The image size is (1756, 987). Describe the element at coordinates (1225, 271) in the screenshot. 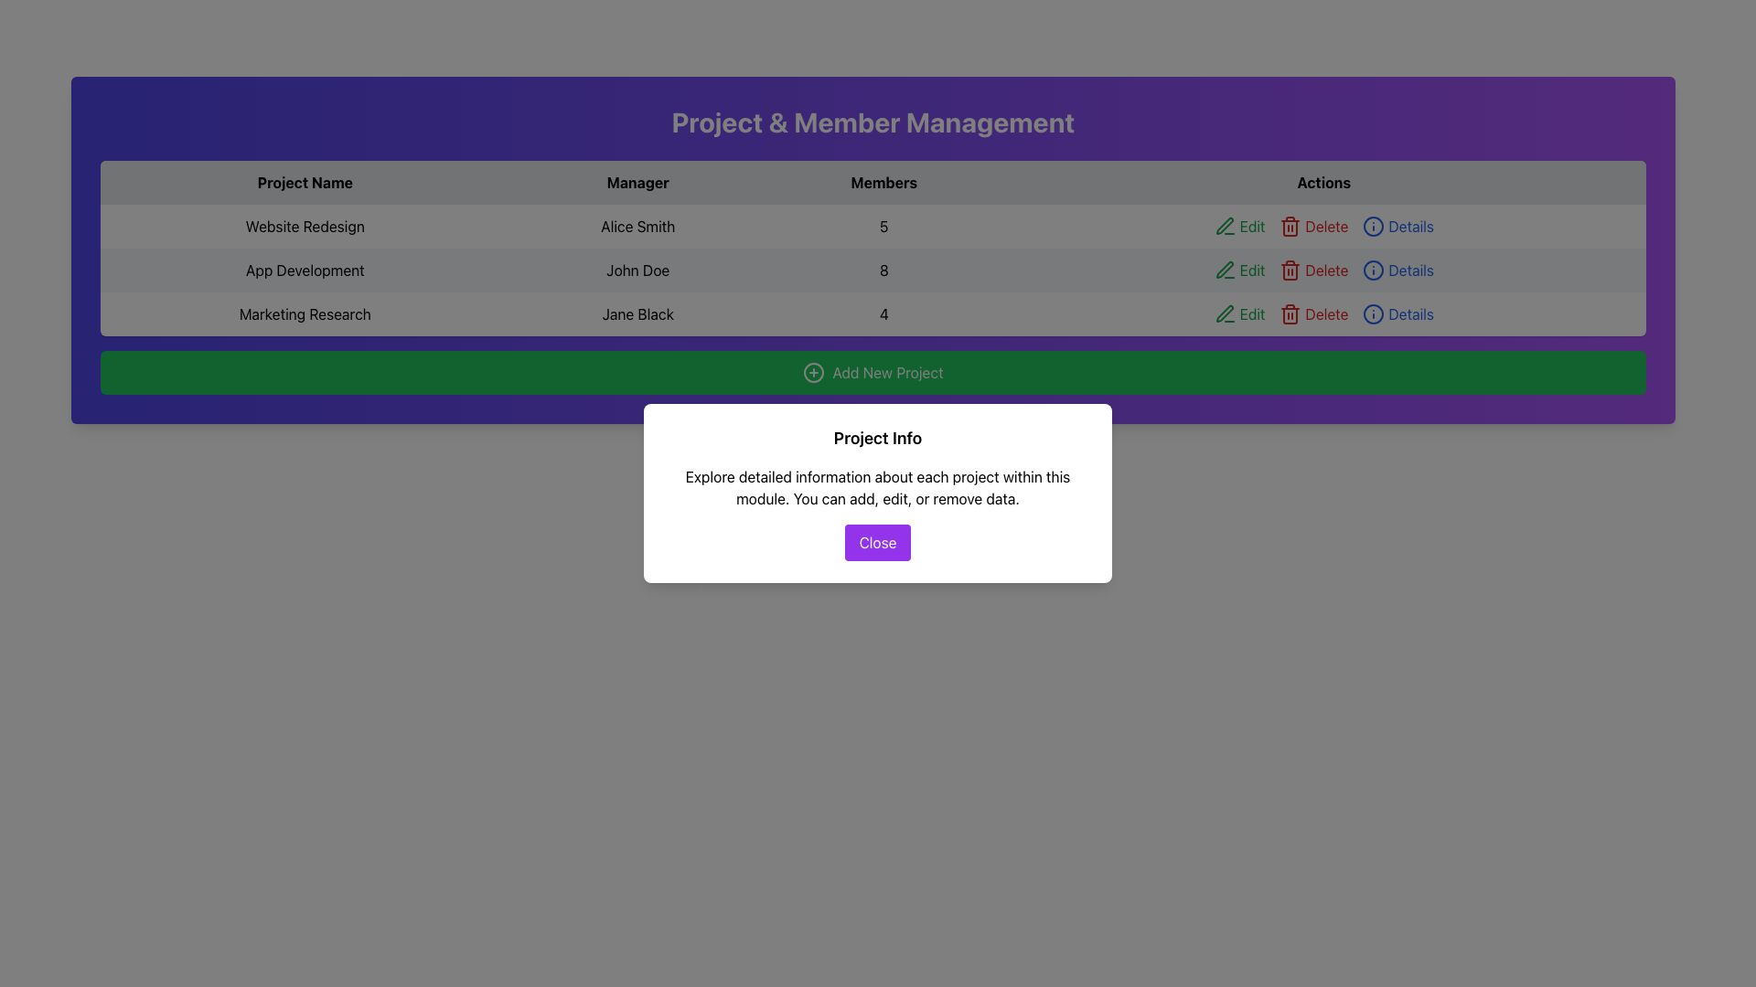

I see `the green pen icon in the second row of the table under the 'Actions' column to invoke the edit action` at that location.